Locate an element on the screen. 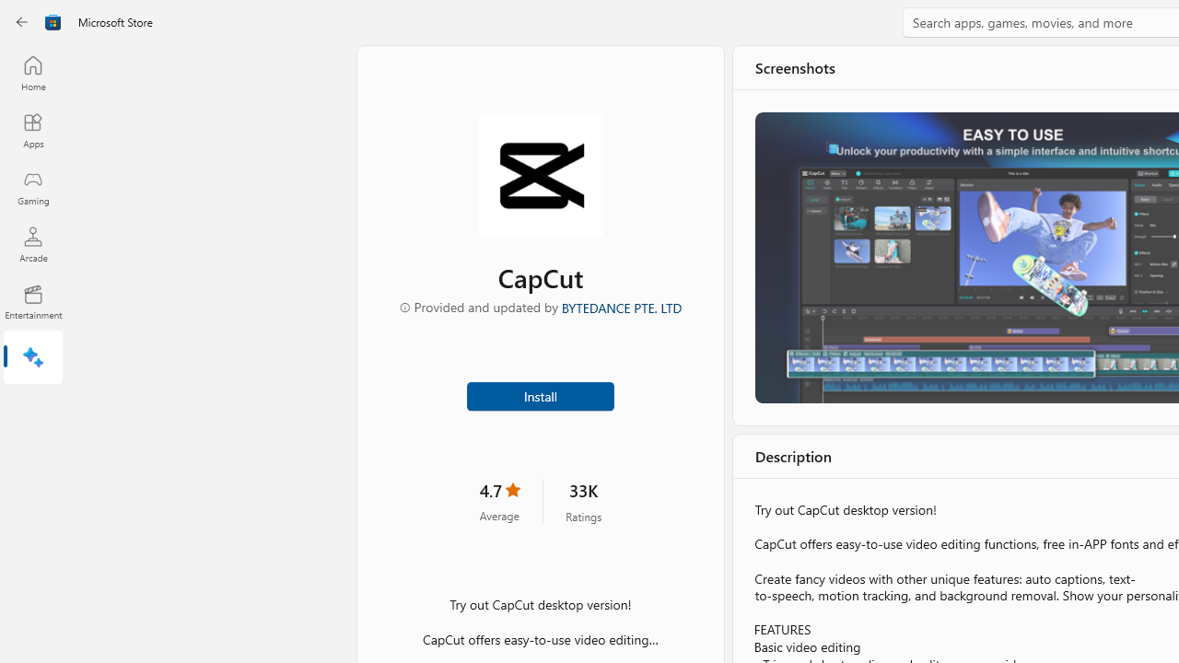  'Install' is located at coordinates (539, 394).